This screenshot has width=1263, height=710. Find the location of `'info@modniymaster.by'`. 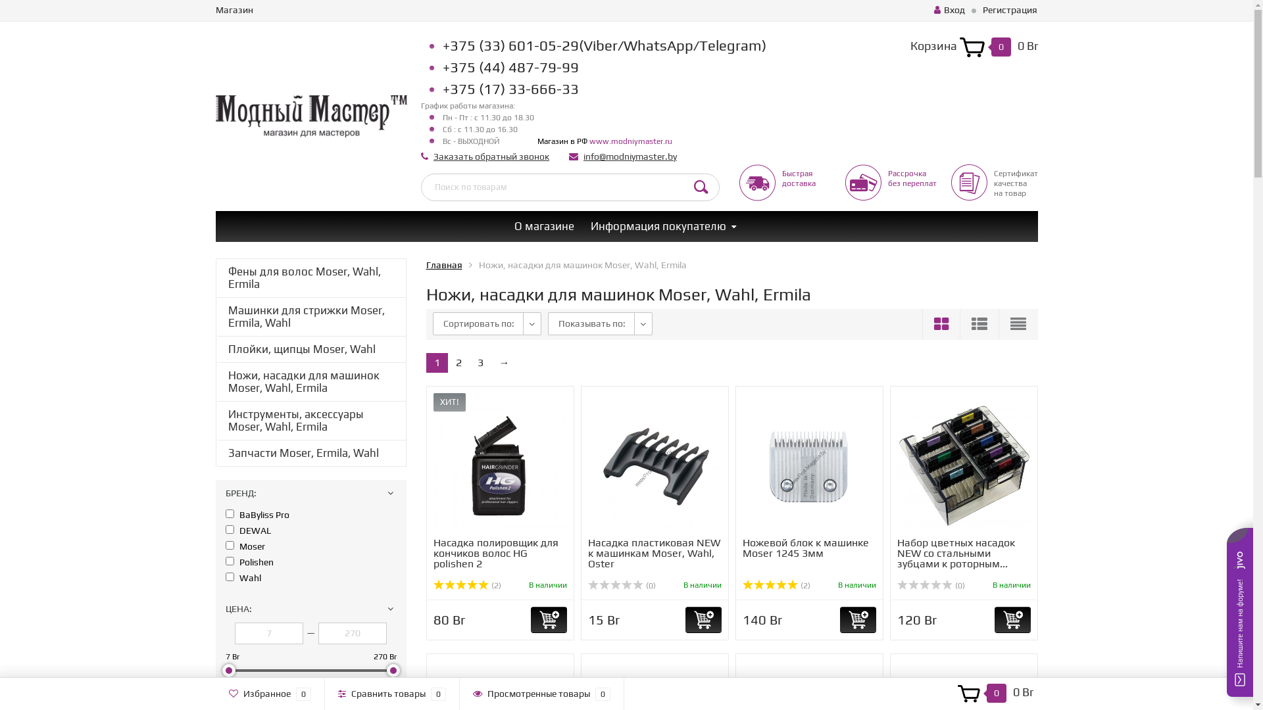

'info@modniymaster.by' is located at coordinates (630, 156).